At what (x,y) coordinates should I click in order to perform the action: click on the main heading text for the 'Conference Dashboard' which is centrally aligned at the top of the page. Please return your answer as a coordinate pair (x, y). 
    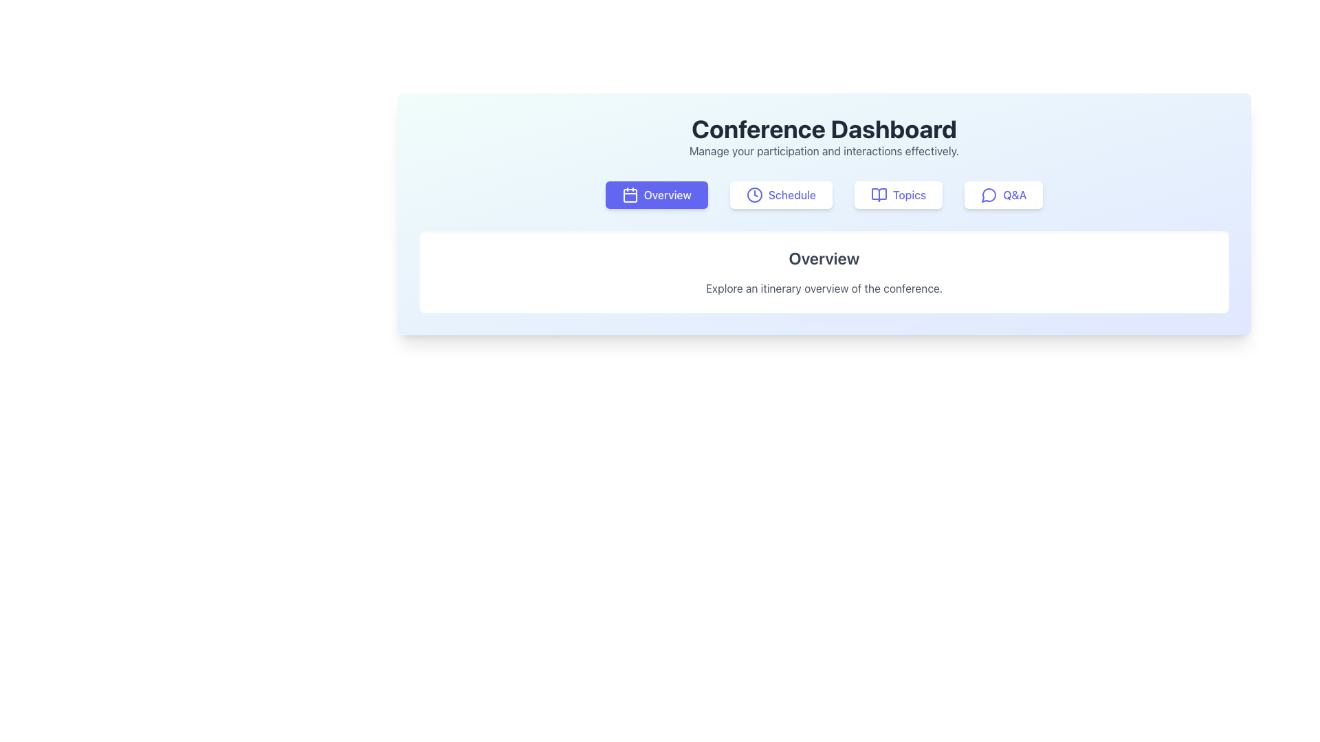
    Looking at the image, I should click on (824, 129).